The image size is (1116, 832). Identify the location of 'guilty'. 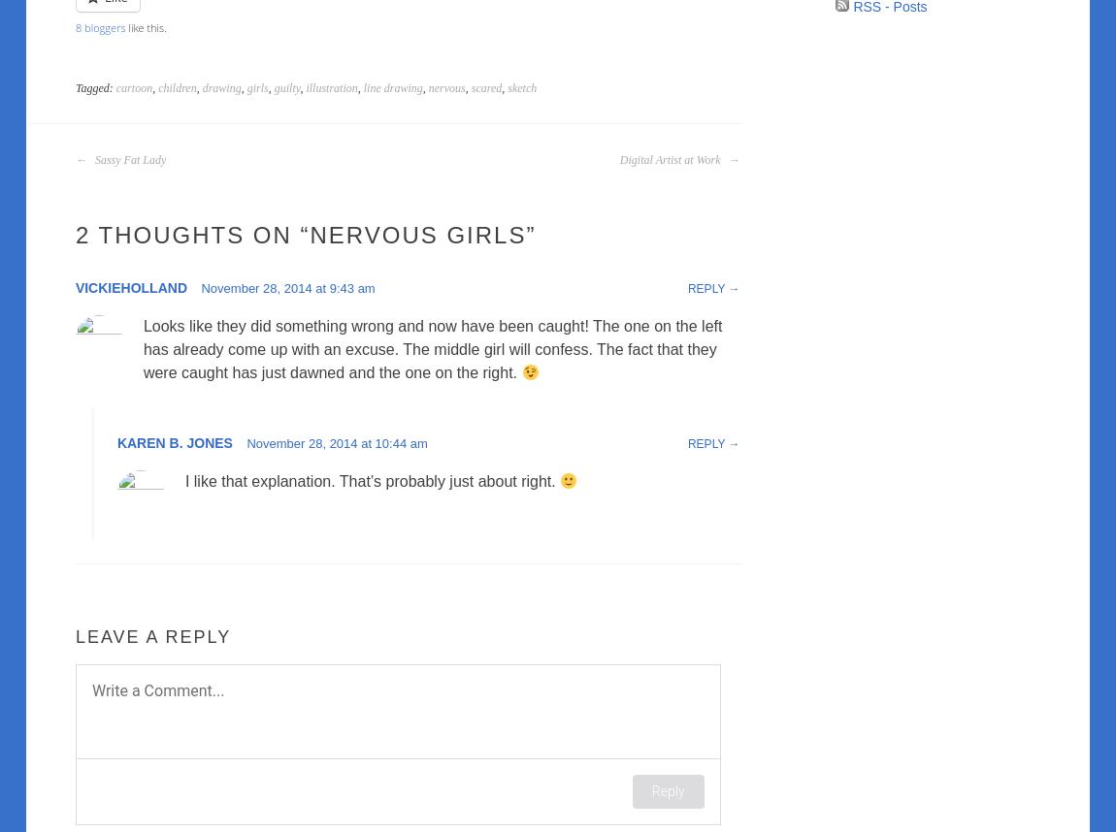
(286, 88).